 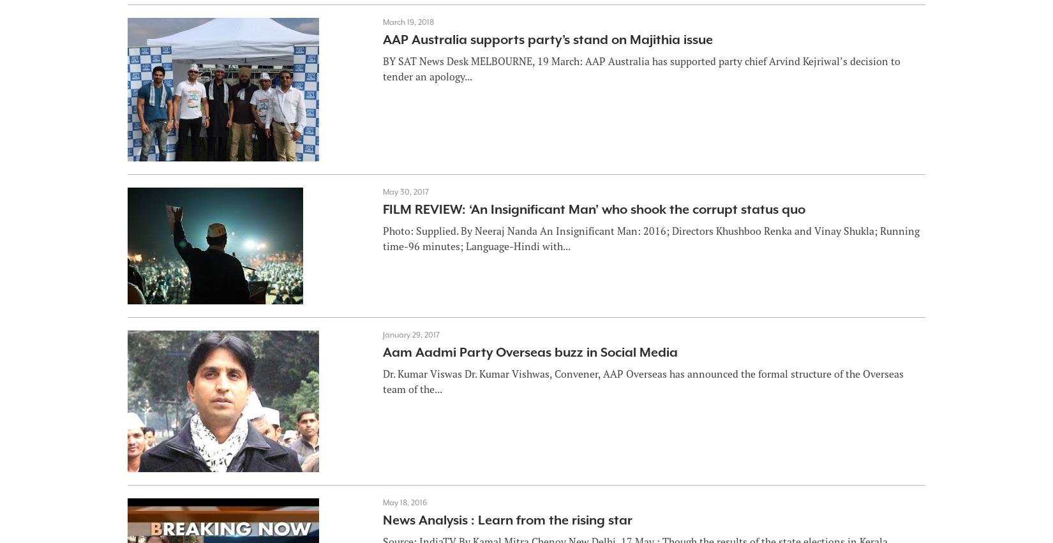 I want to click on 'AAP Australia supports party’s stand on Majithia issue', so click(x=547, y=40).